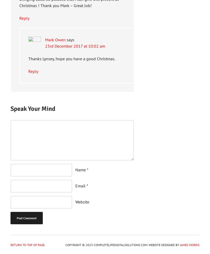 Image resolution: width=210 pixels, height=254 pixels. Describe the element at coordinates (123, 245) in the screenshot. I see `'Copyright © 2023 CompleteLifeDigitalSolutions.com.  Website designed by'` at that location.